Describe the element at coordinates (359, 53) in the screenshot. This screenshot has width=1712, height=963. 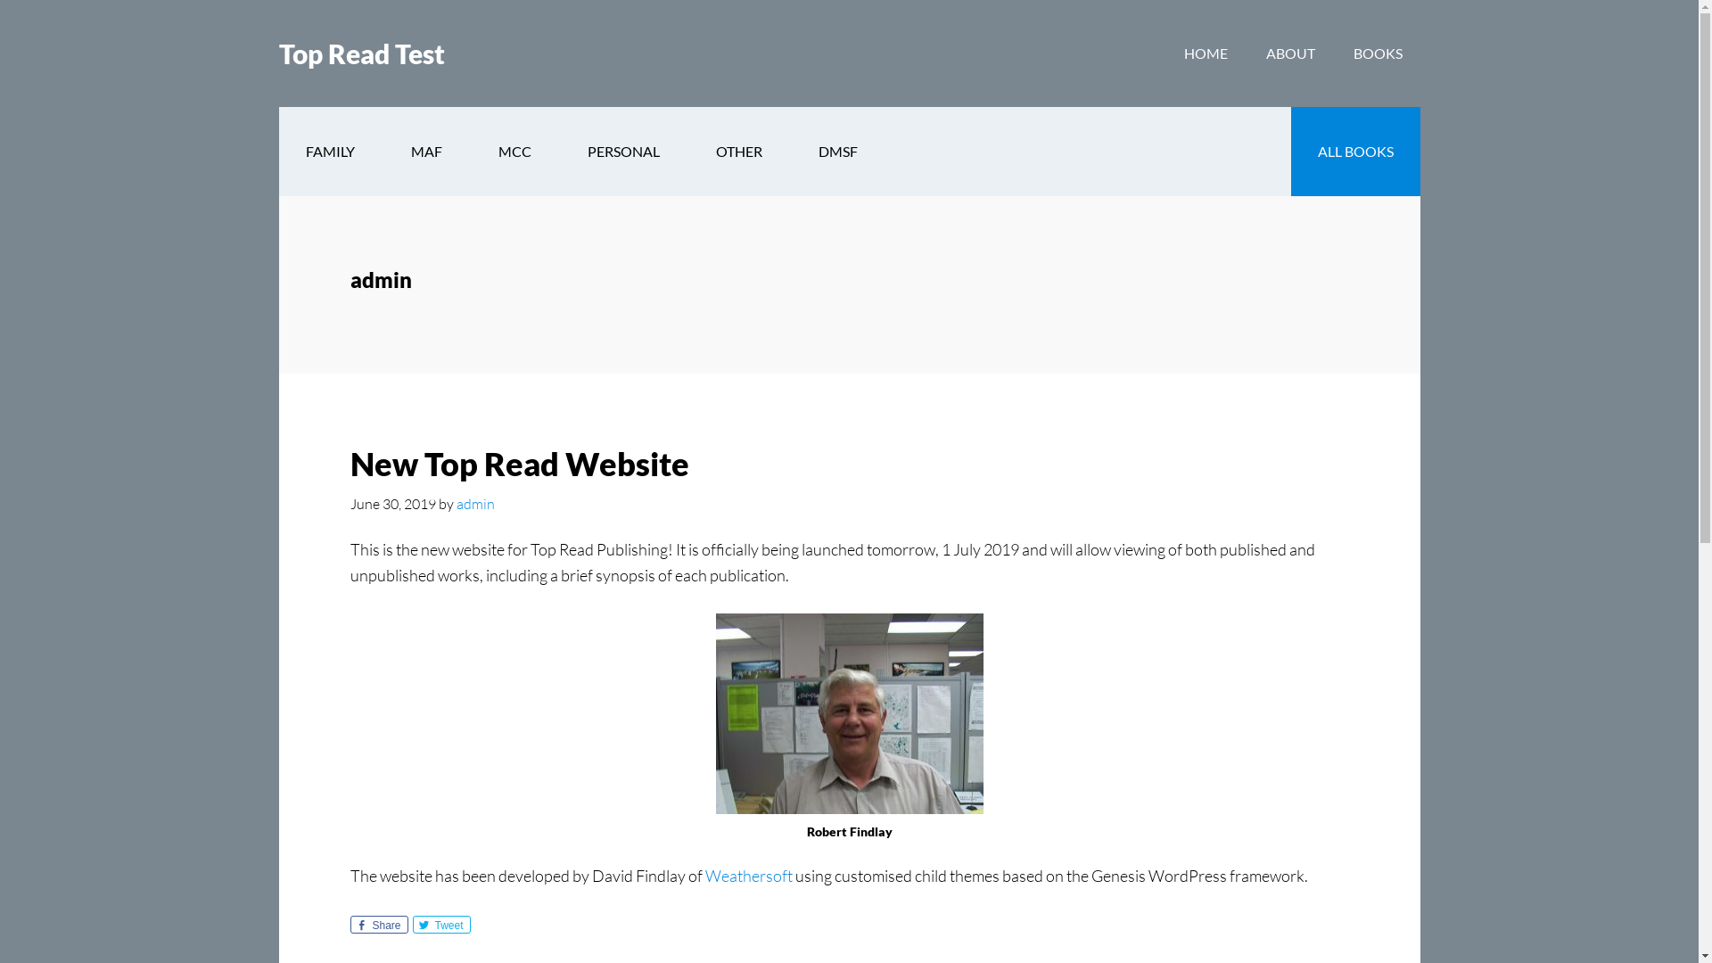
I see `'Top Read Test'` at that location.